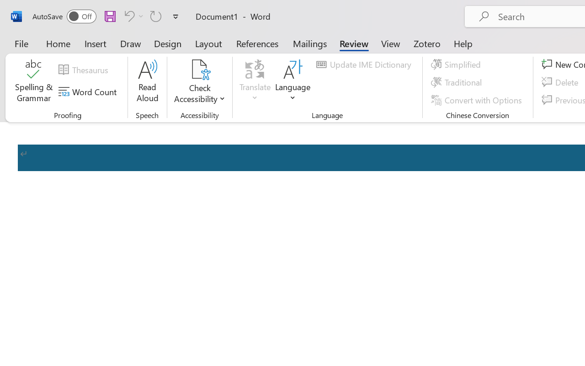  Describe the element at coordinates (458, 82) in the screenshot. I see `'Traditional'` at that location.